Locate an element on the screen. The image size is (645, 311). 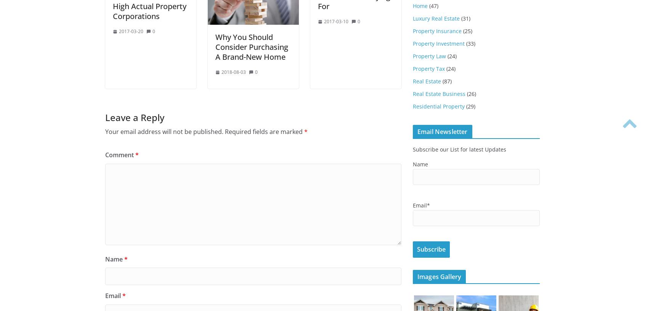
'(47)' is located at coordinates (433, 5).